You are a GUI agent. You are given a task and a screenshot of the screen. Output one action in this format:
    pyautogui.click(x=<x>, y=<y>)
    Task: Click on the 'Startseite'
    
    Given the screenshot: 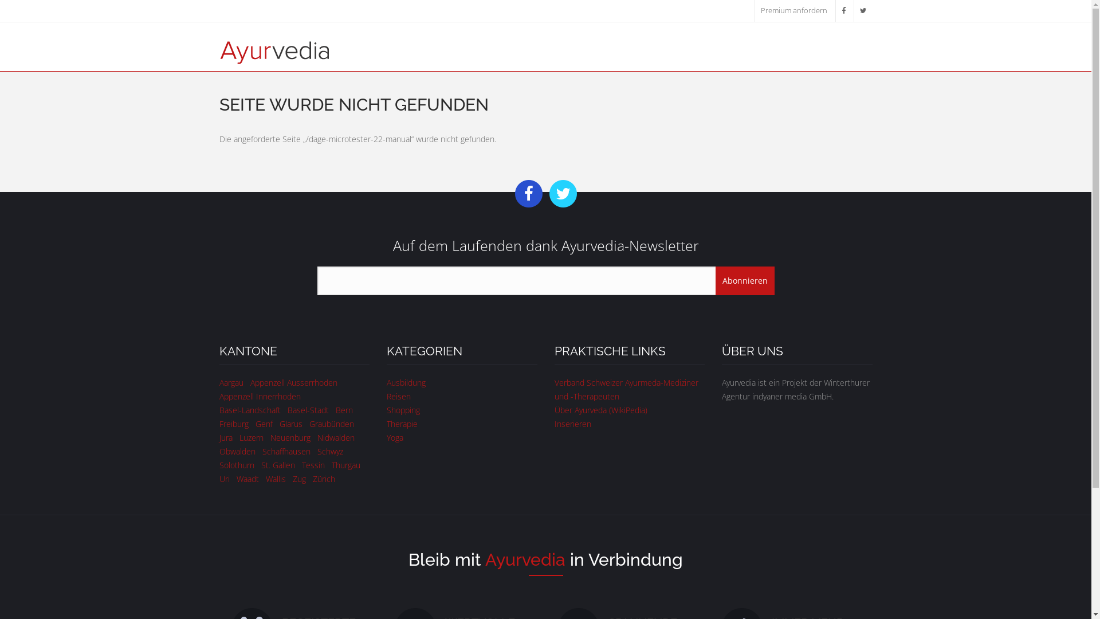 What is the action you would take?
    pyautogui.click(x=219, y=50)
    